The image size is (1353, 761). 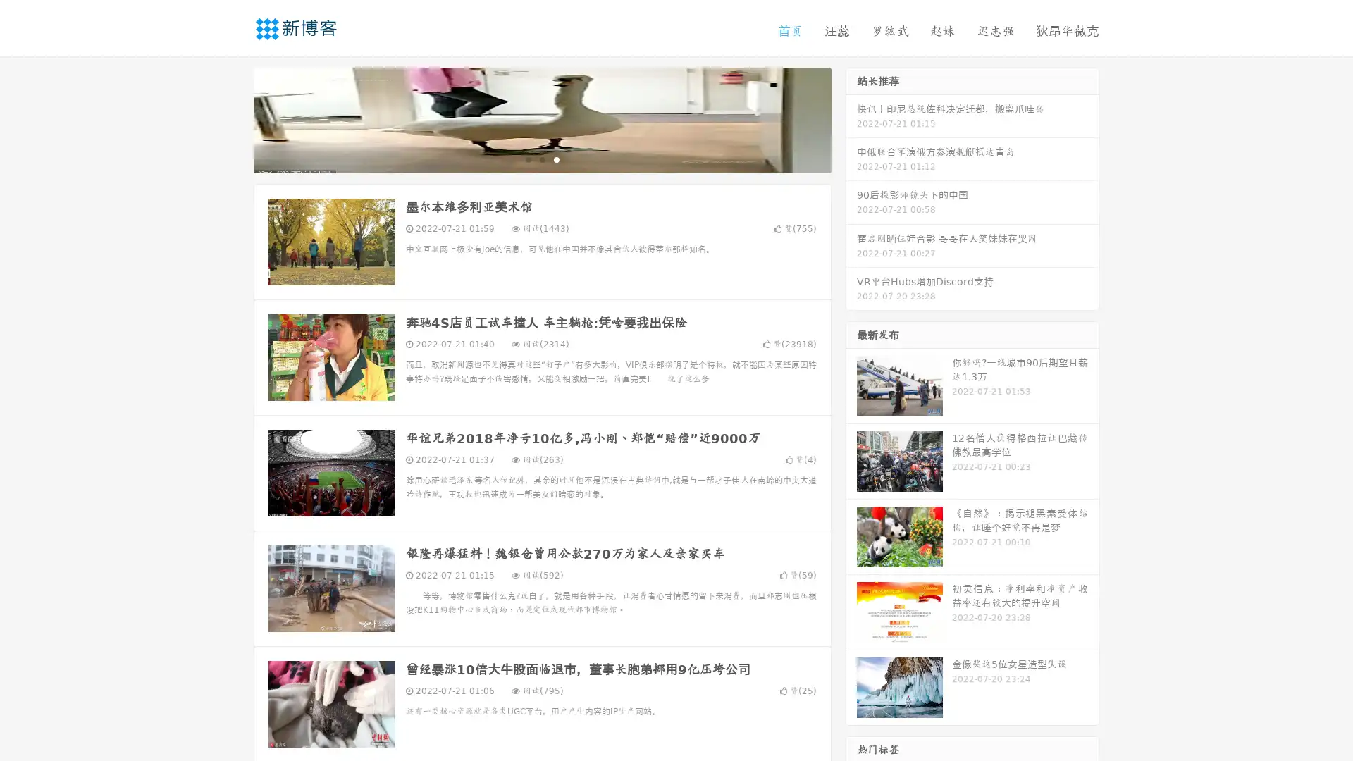 What do you see at coordinates (541, 159) in the screenshot?
I see `Go to slide 2` at bounding box center [541, 159].